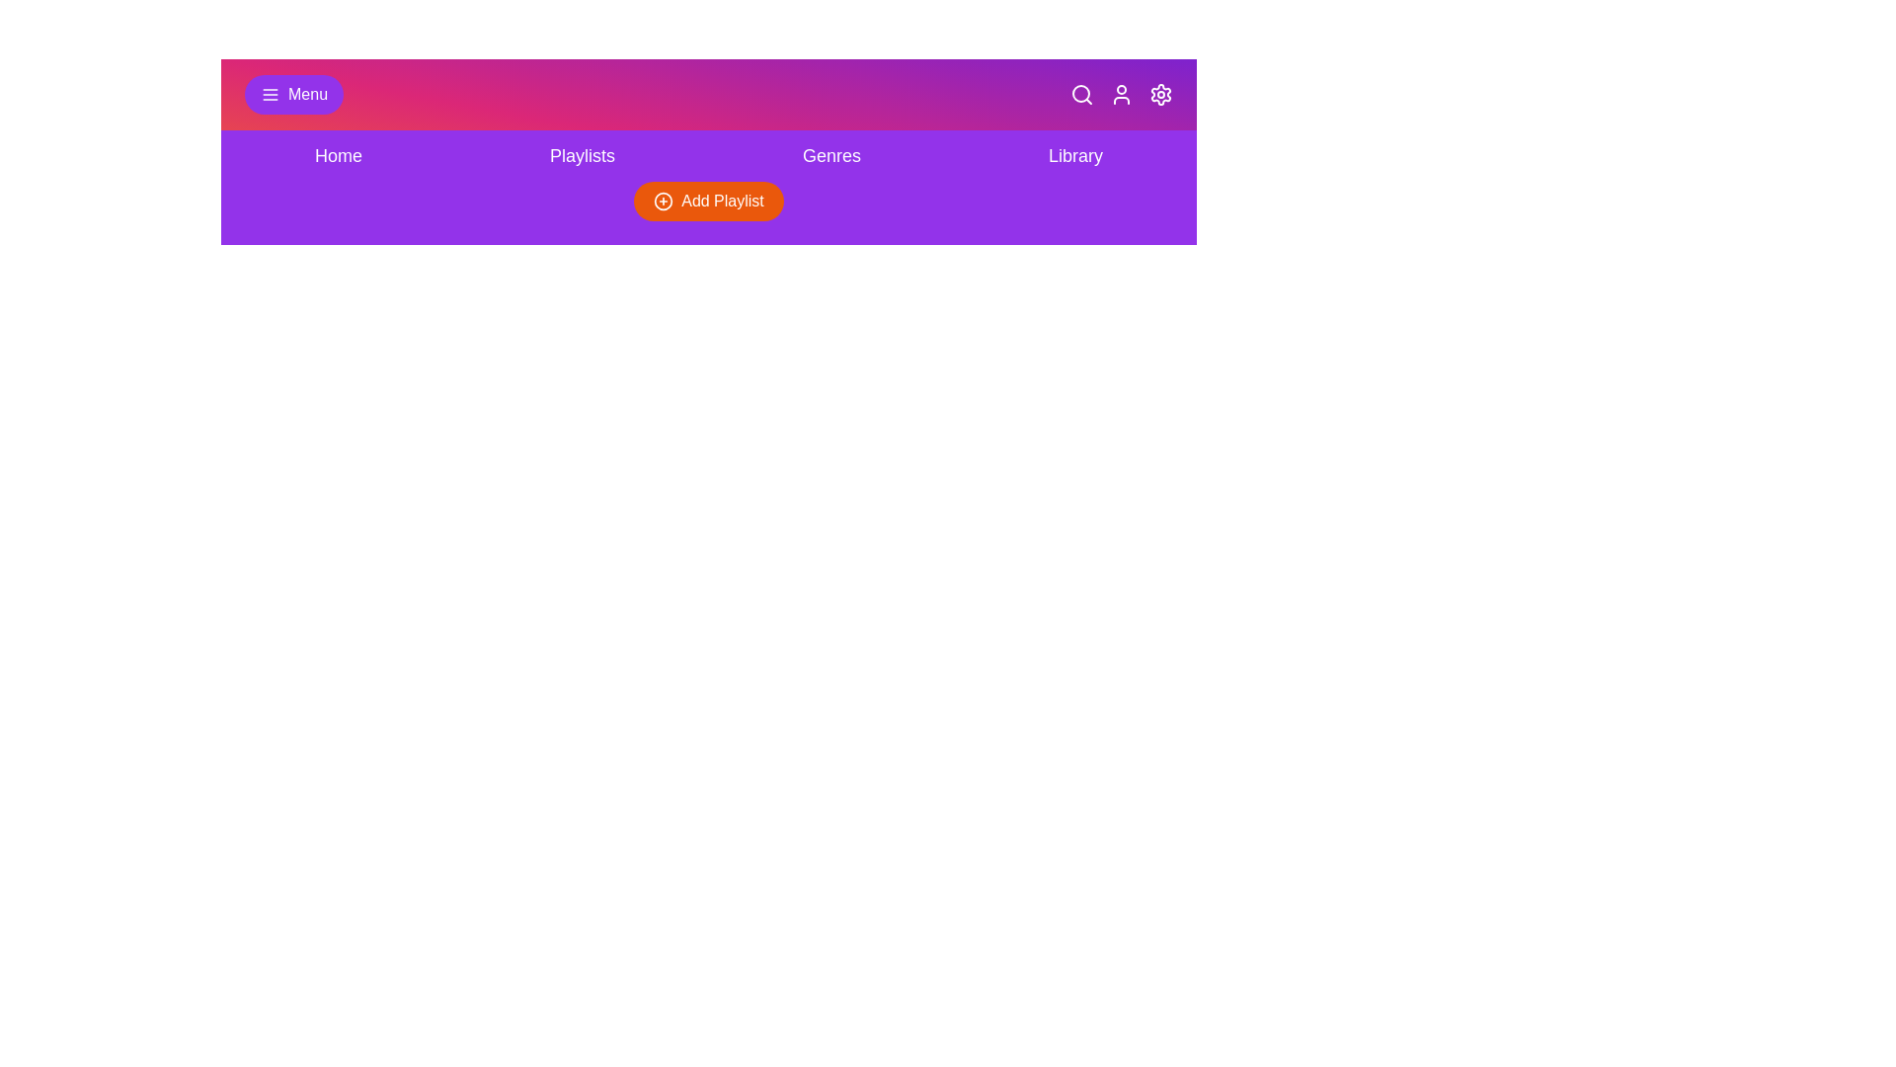 Image resolution: width=1896 pixels, height=1067 pixels. Describe the element at coordinates (338, 155) in the screenshot. I see `the navigation link corresponding to Home to navigate to that section` at that location.